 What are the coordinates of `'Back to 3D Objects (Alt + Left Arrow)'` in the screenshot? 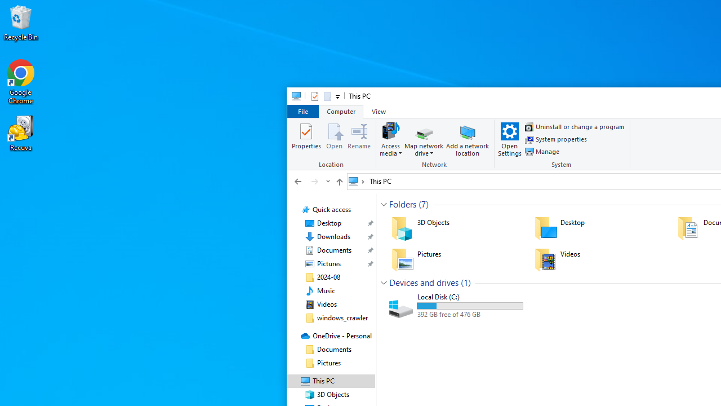 It's located at (298, 180).